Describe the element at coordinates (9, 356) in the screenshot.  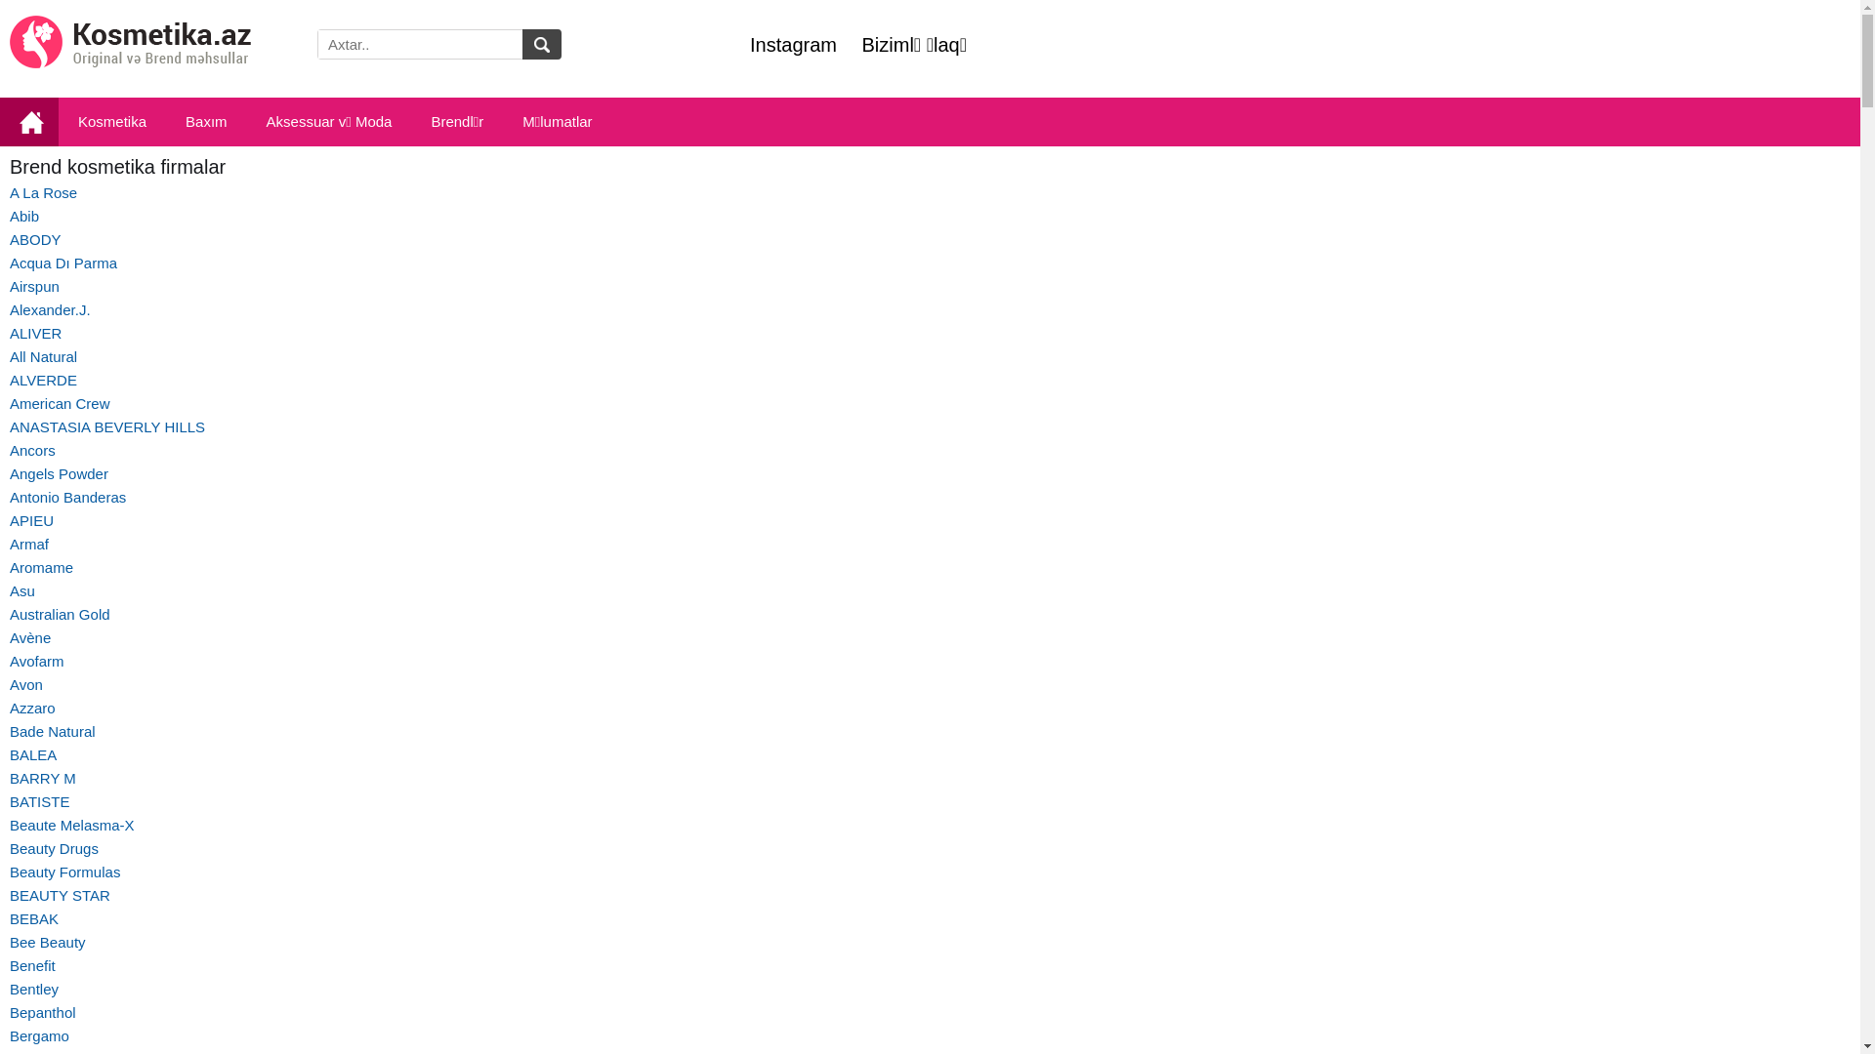
I see `'All Natural'` at that location.